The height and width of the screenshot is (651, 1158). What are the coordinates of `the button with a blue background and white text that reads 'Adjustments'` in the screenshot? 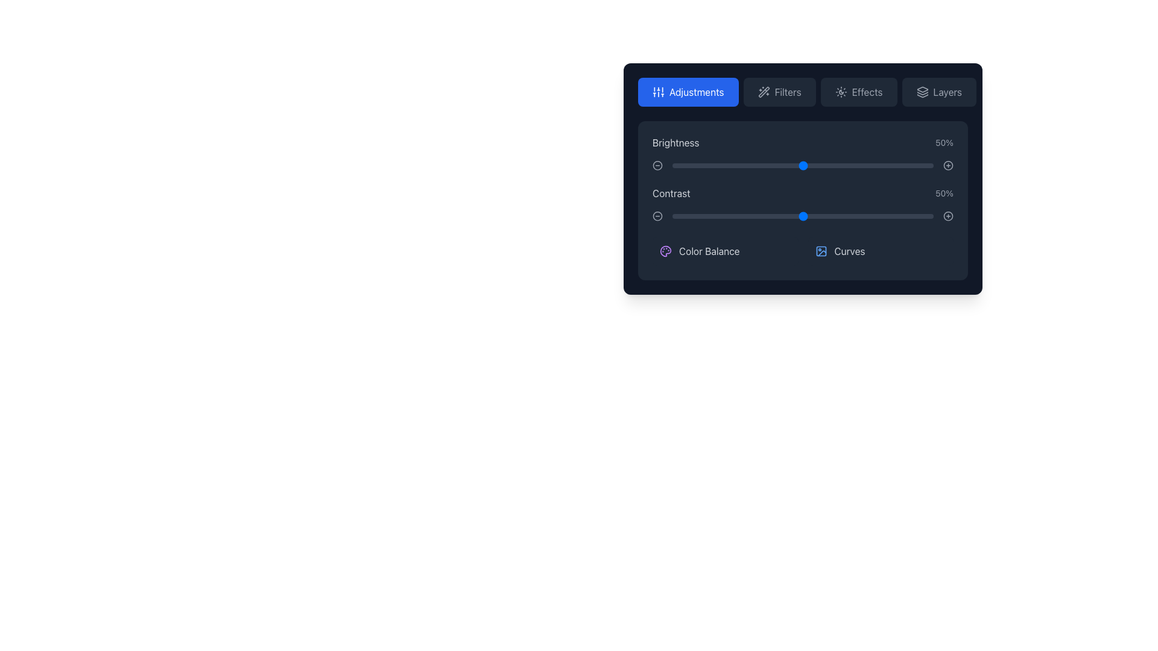 It's located at (688, 92).